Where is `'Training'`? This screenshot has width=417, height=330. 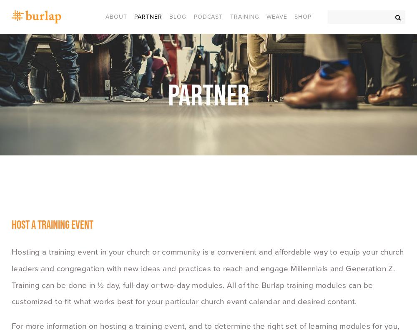 'Training' is located at coordinates (230, 16).